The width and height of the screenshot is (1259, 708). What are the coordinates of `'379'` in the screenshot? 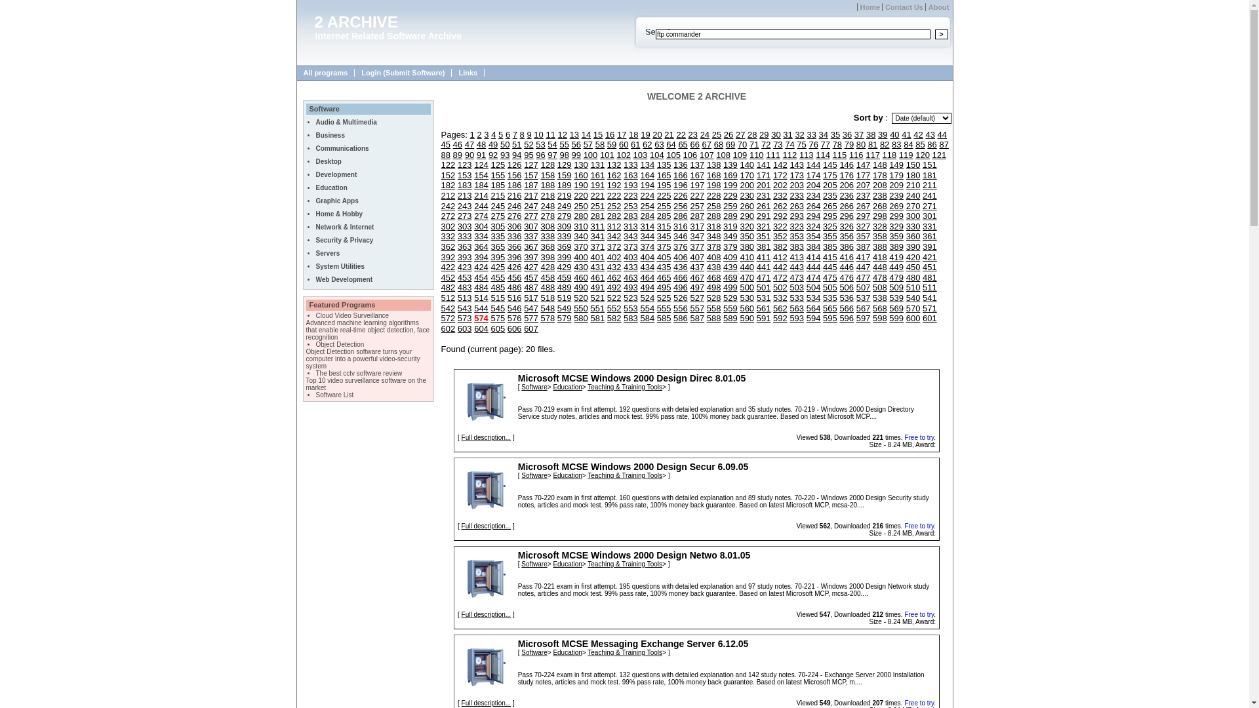 It's located at (729, 246).